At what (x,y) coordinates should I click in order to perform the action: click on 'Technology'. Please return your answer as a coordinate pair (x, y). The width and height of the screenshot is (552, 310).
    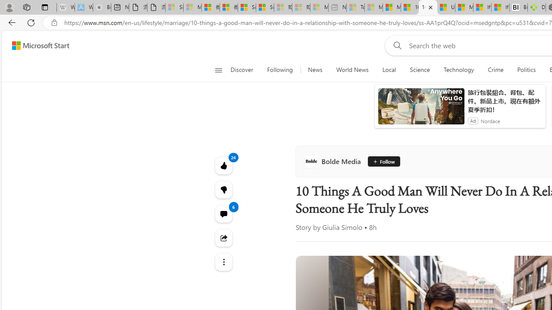
    Looking at the image, I should click on (458, 70).